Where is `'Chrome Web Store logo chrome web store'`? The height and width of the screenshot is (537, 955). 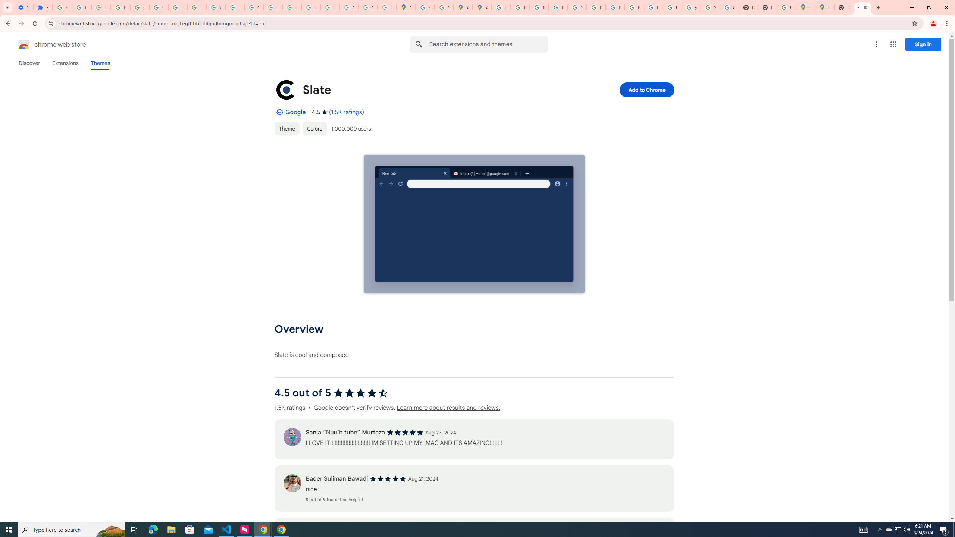 'Chrome Web Store logo chrome web store' is located at coordinates (44, 44).